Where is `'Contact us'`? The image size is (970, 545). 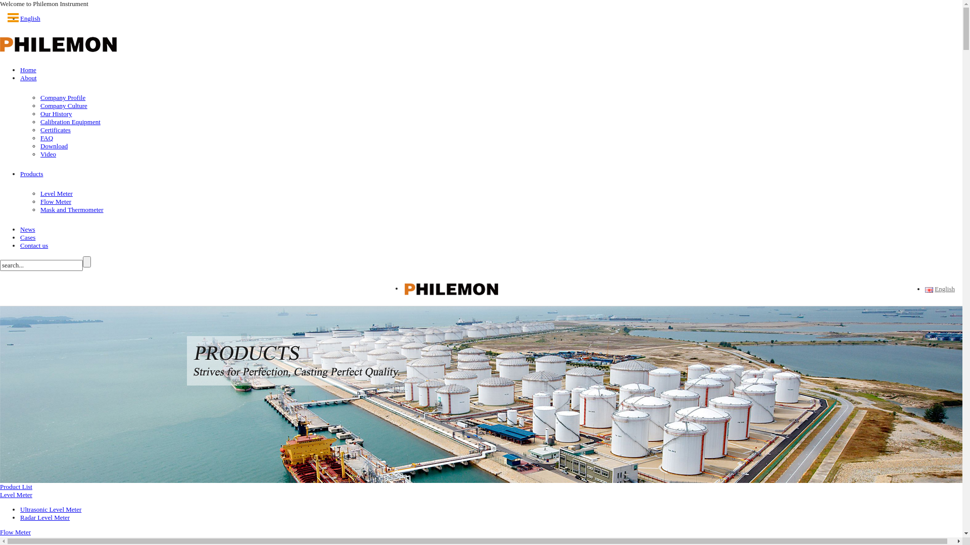 'Contact us' is located at coordinates (34, 245).